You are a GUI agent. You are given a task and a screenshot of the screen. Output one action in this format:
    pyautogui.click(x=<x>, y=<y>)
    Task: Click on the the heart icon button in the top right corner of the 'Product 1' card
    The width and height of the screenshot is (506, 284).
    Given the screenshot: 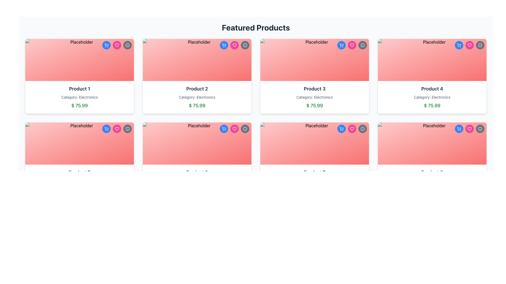 What is the action you would take?
    pyautogui.click(x=117, y=129)
    